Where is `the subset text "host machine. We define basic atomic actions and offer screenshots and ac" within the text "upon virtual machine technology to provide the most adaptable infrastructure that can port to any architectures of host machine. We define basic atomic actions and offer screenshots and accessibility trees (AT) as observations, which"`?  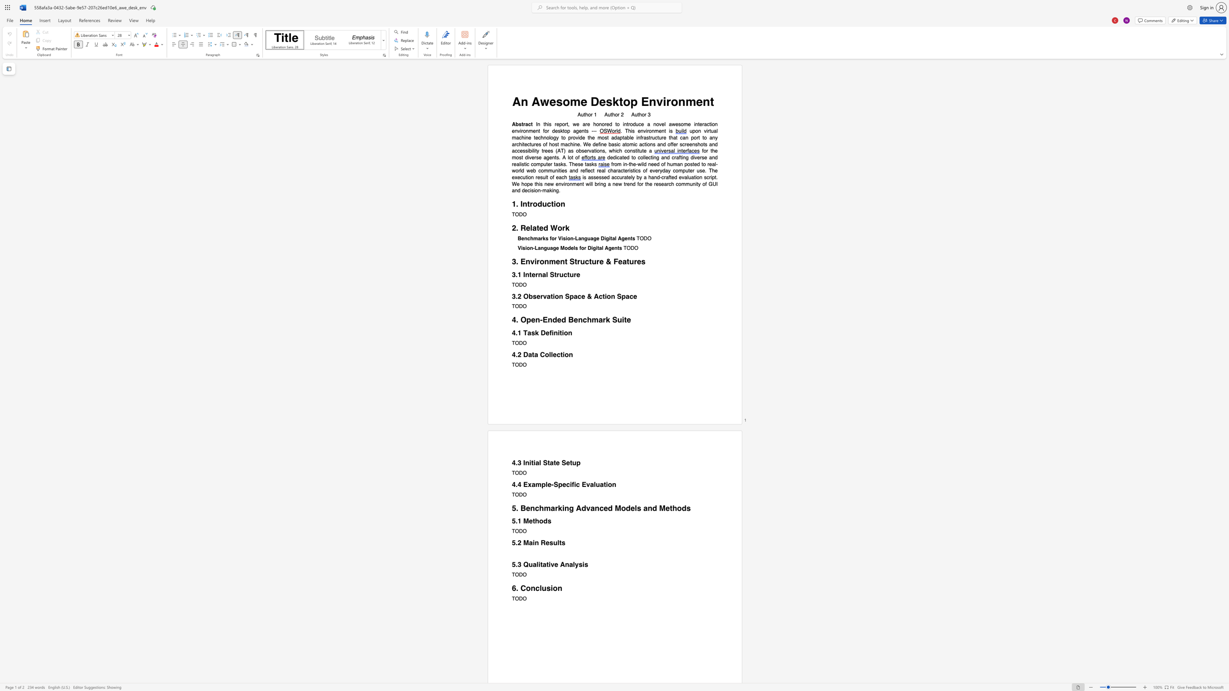
the subset text "host machine. We define basic atomic actions and offer screenshots and ac" within the text "upon virtual machine technology to provide the most adaptable infrastructure that can port to any architectures of host machine. We define basic atomic actions and offer screenshots and accessibility trees (AT) as observations, which" is located at coordinates (548, 144).